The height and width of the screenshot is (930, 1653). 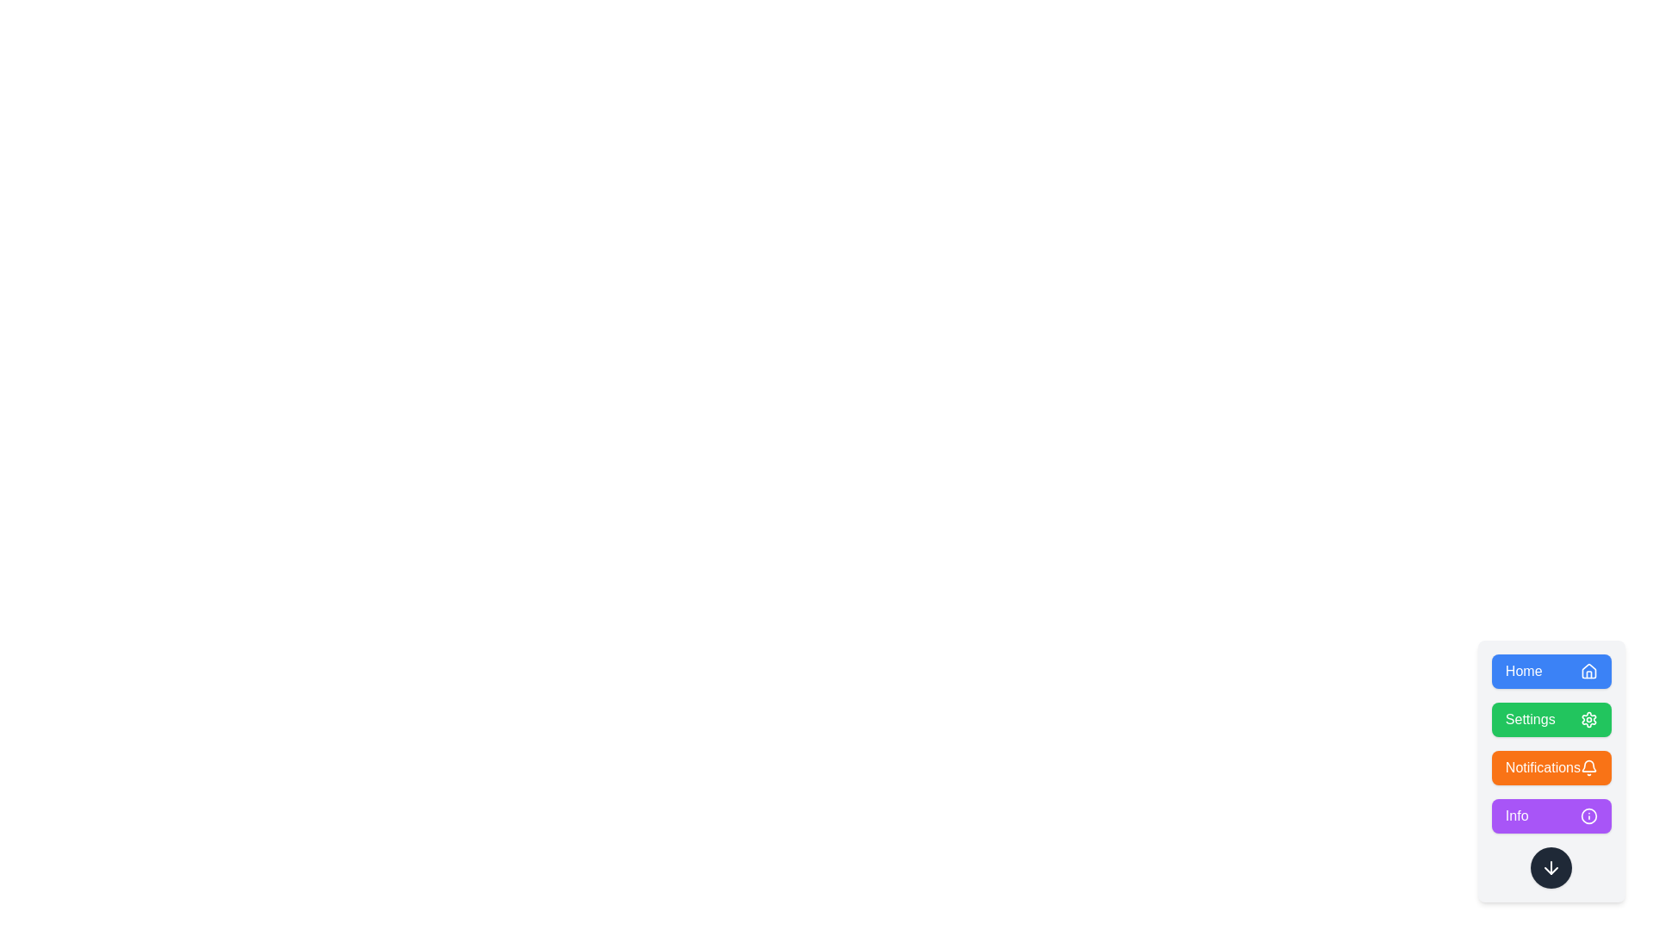 I want to click on the Home button in the ThemedSpeedDial component, so click(x=1551, y=670).